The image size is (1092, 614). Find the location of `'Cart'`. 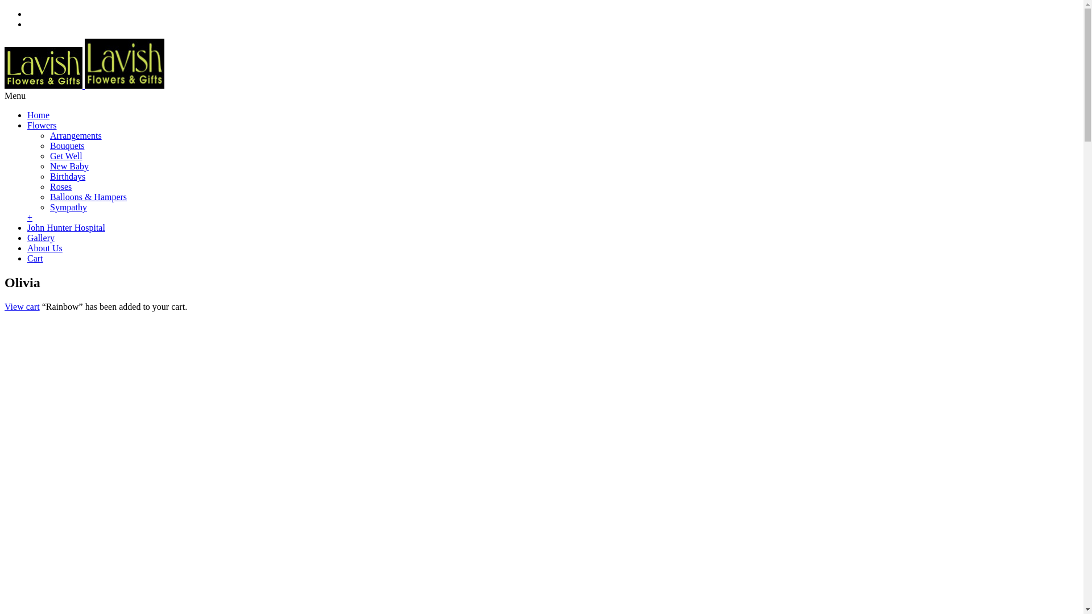

'Cart' is located at coordinates (27, 258).